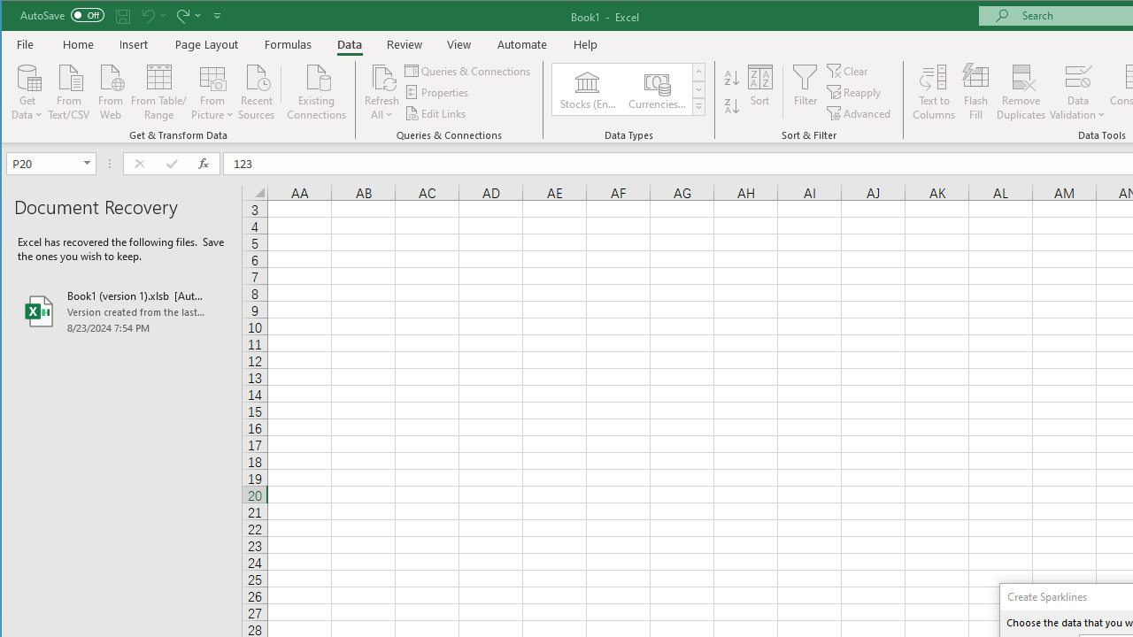  I want to click on 'Data Types', so click(698, 106).